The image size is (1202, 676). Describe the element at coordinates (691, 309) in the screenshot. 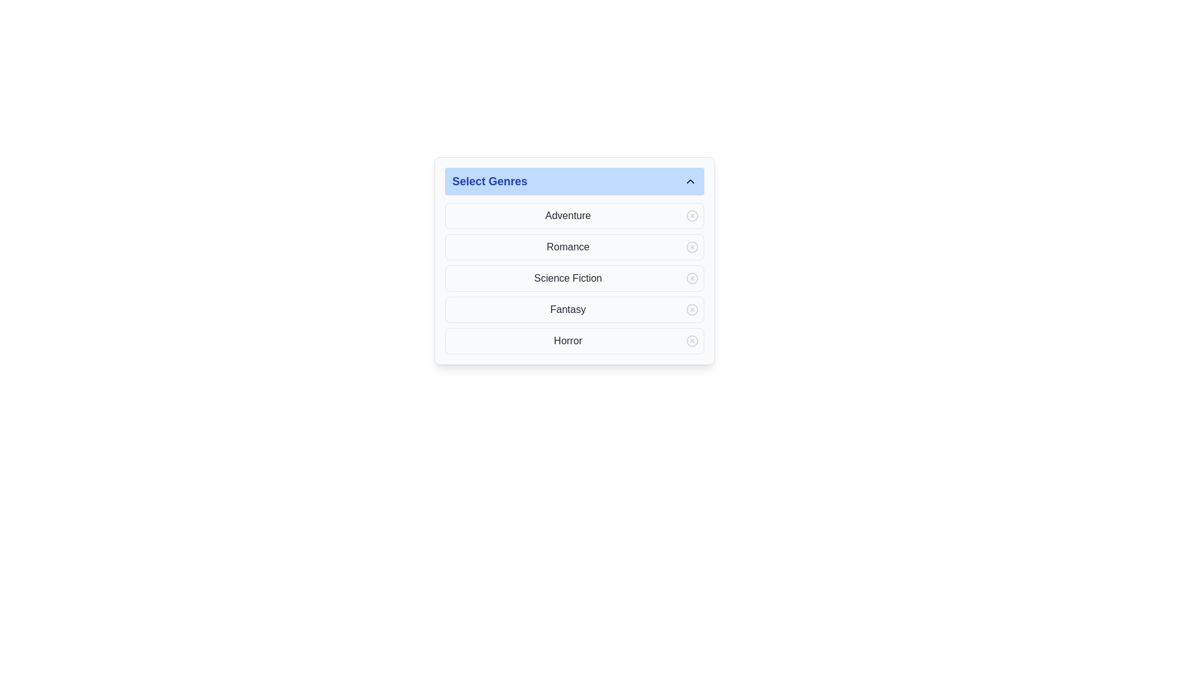

I see `the small circular icon button with an 'x' symbol, located to the right of the 'Fantasy' label` at that location.